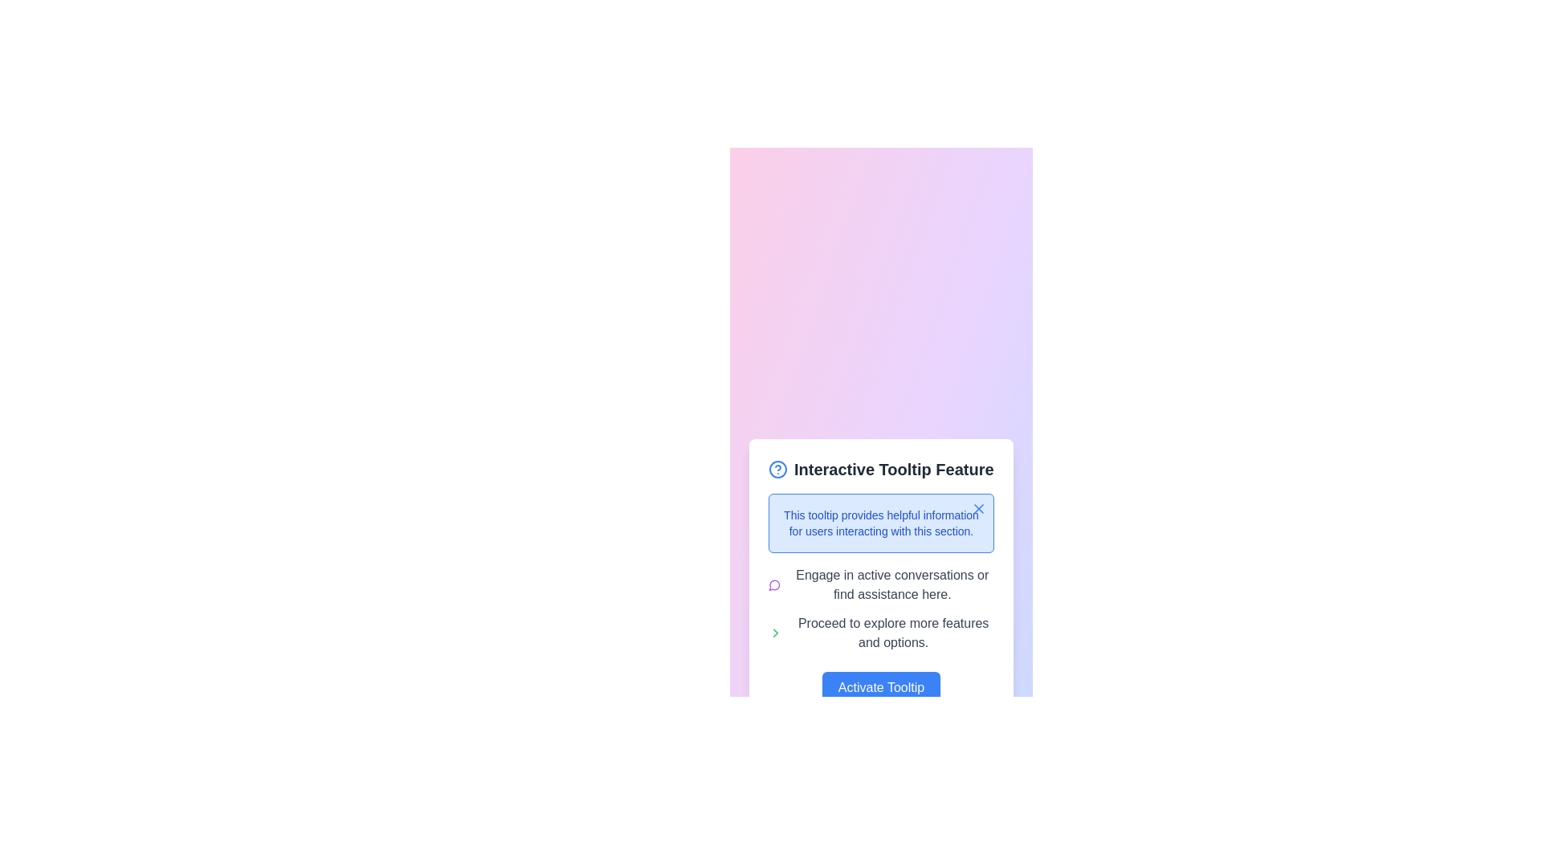 The width and height of the screenshot is (1542, 867). Describe the element at coordinates (893, 470) in the screenshot. I see `the Heading text or label located in the upper section of the card-like structure, which provides a summary or name for the content below it` at that location.